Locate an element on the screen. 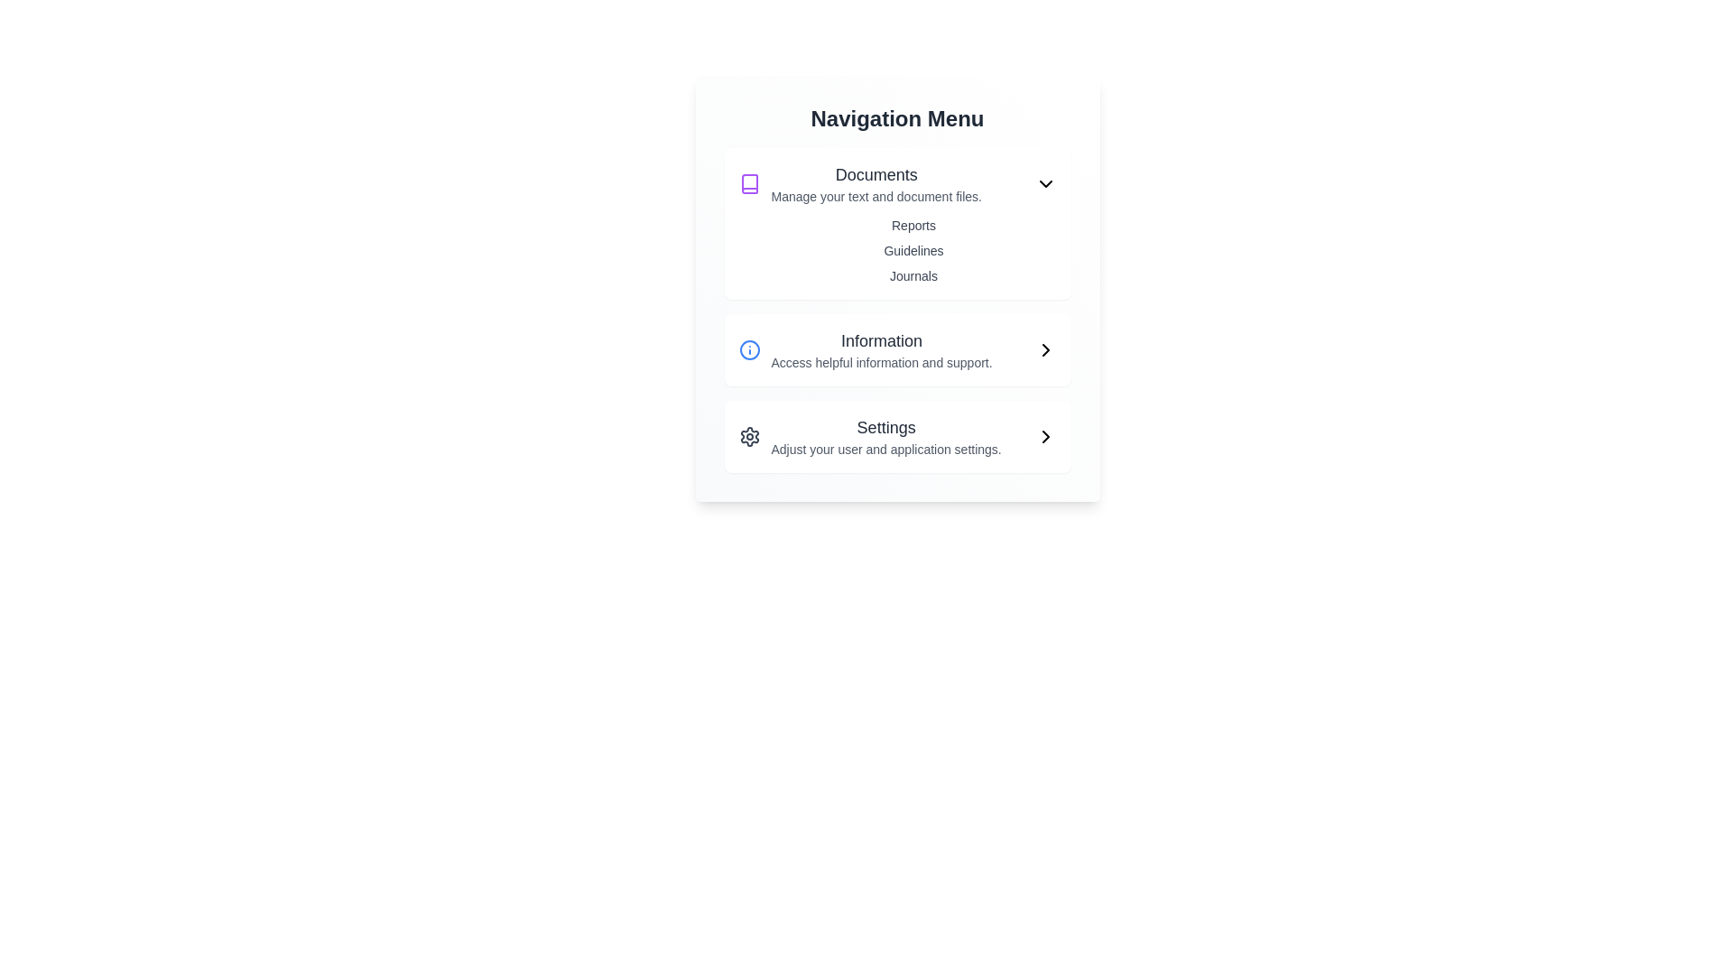  the rightward-pointing chevron arrow icon located at the rightmost end of the 'Settings' section in the navigation menu is located at coordinates (1045, 436).